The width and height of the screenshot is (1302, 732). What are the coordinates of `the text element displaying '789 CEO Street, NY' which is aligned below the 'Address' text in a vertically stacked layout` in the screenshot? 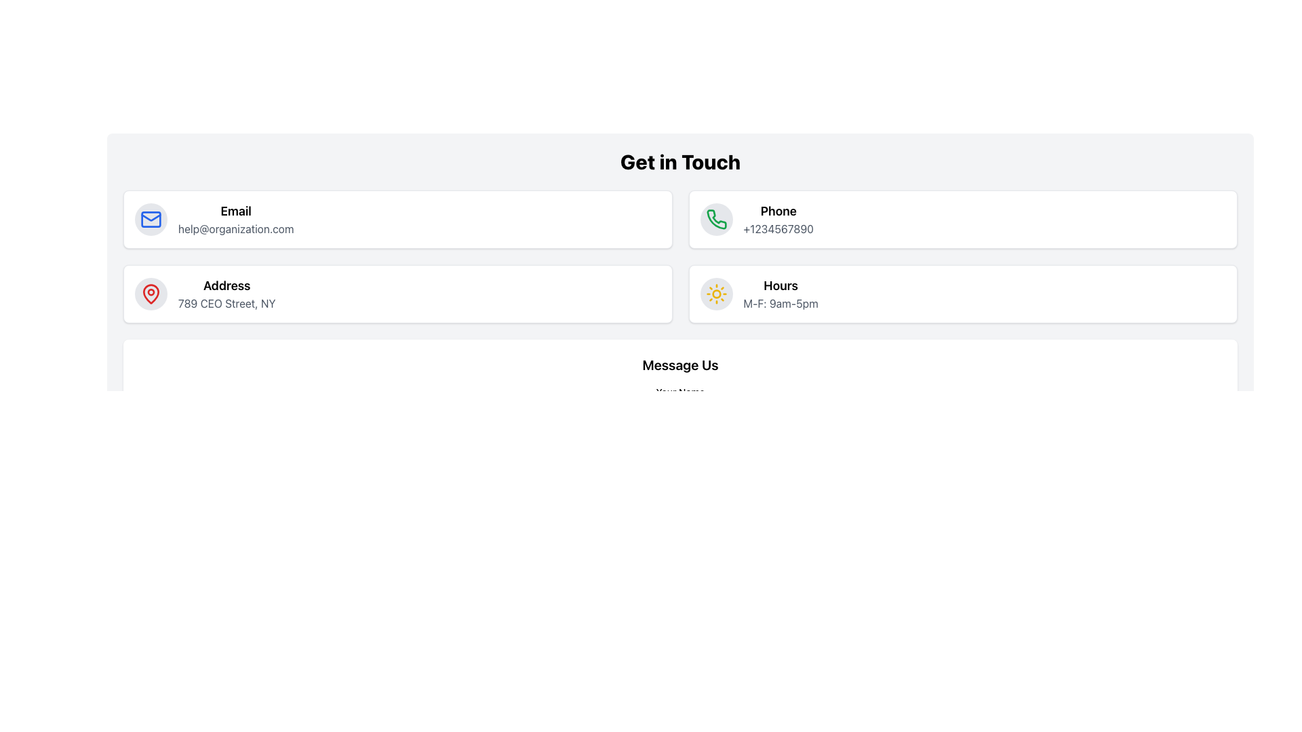 It's located at (226, 302).